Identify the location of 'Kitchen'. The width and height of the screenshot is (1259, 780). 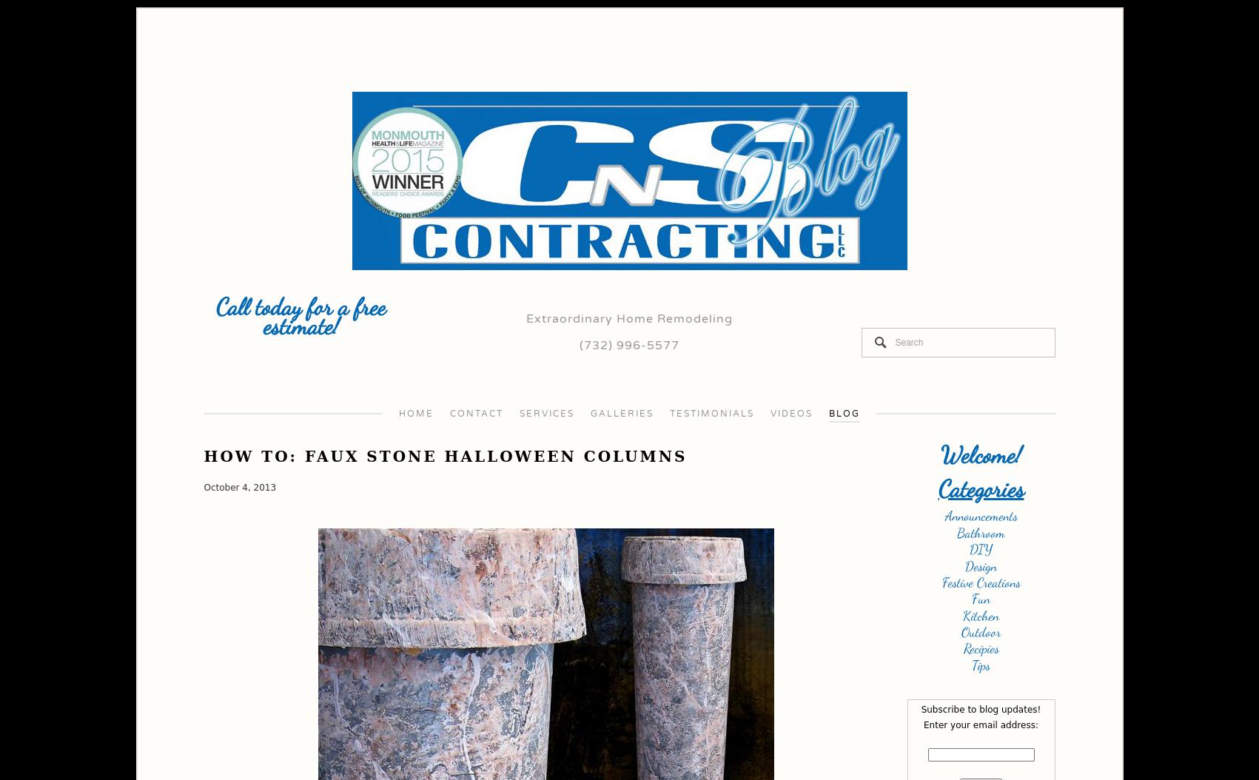
(962, 613).